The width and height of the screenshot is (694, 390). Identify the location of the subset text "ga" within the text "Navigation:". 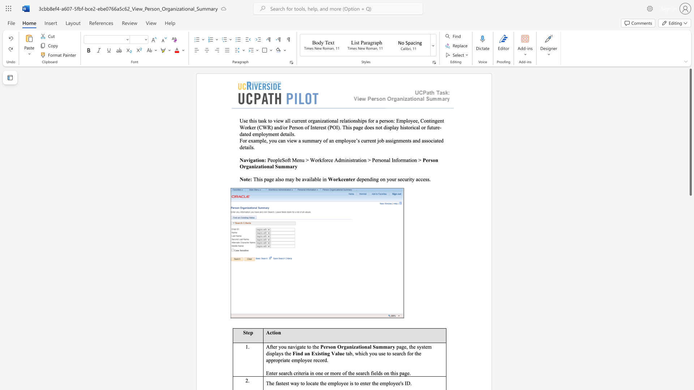
(250, 160).